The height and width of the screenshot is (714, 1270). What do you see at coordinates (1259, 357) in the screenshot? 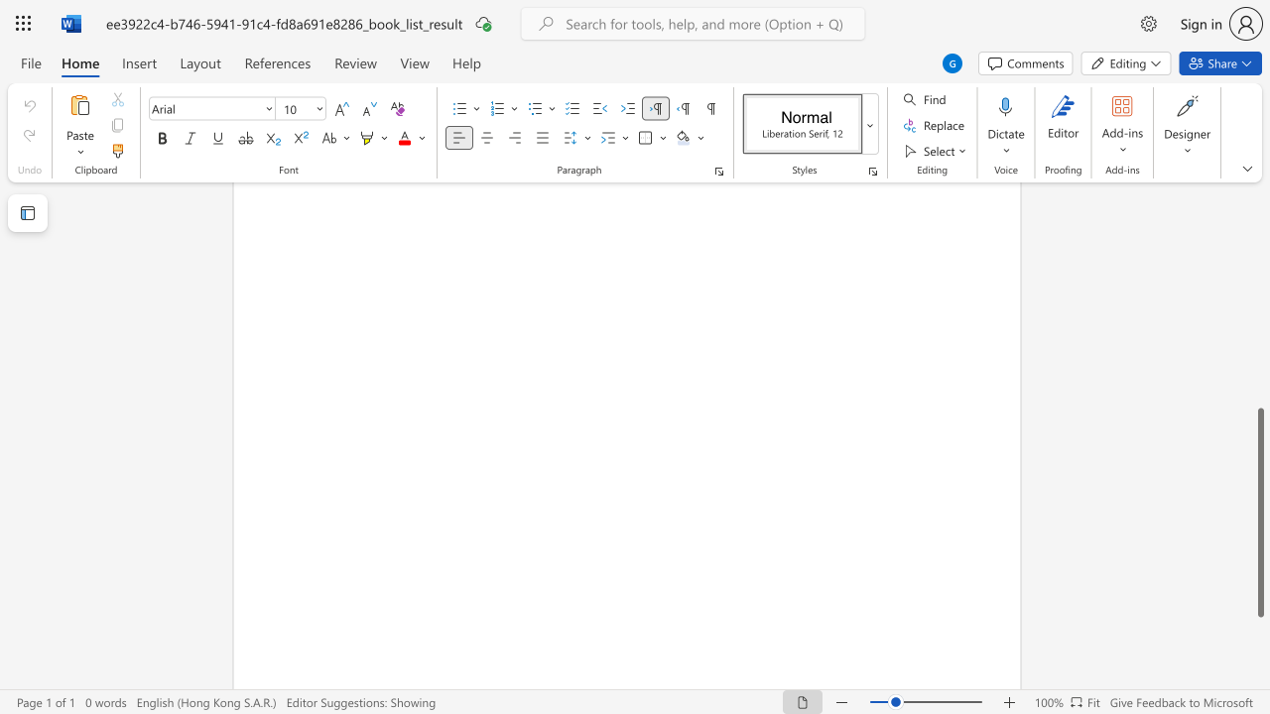
I see `the vertical scrollbar to raise the page content` at bounding box center [1259, 357].